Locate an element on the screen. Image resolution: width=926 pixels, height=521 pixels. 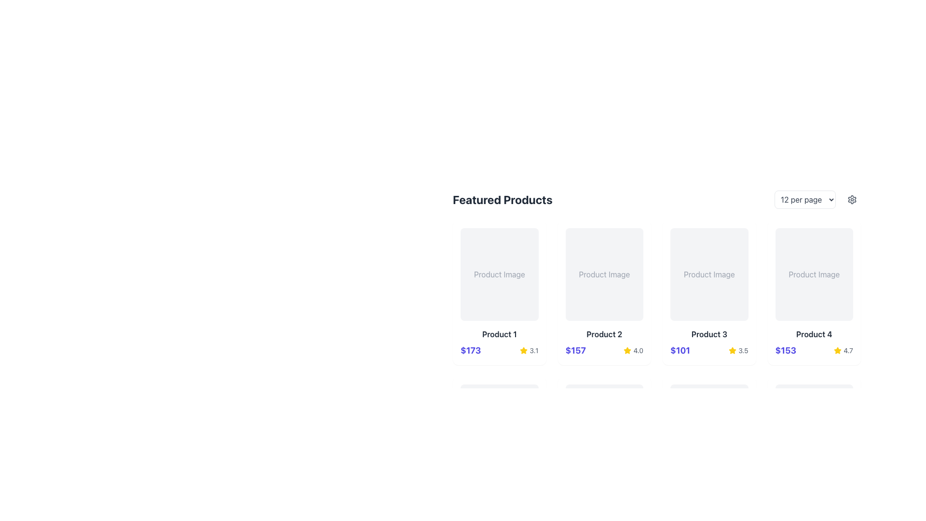
the Rating display in the last product card of the fourth column, which shows a star icon and a numeric rating value, positioned to the right of the price text ('$153') is located at coordinates (843, 350).